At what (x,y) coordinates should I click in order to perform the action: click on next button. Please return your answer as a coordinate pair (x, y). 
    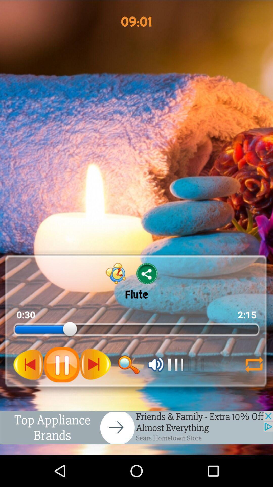
    Looking at the image, I should click on (95, 364).